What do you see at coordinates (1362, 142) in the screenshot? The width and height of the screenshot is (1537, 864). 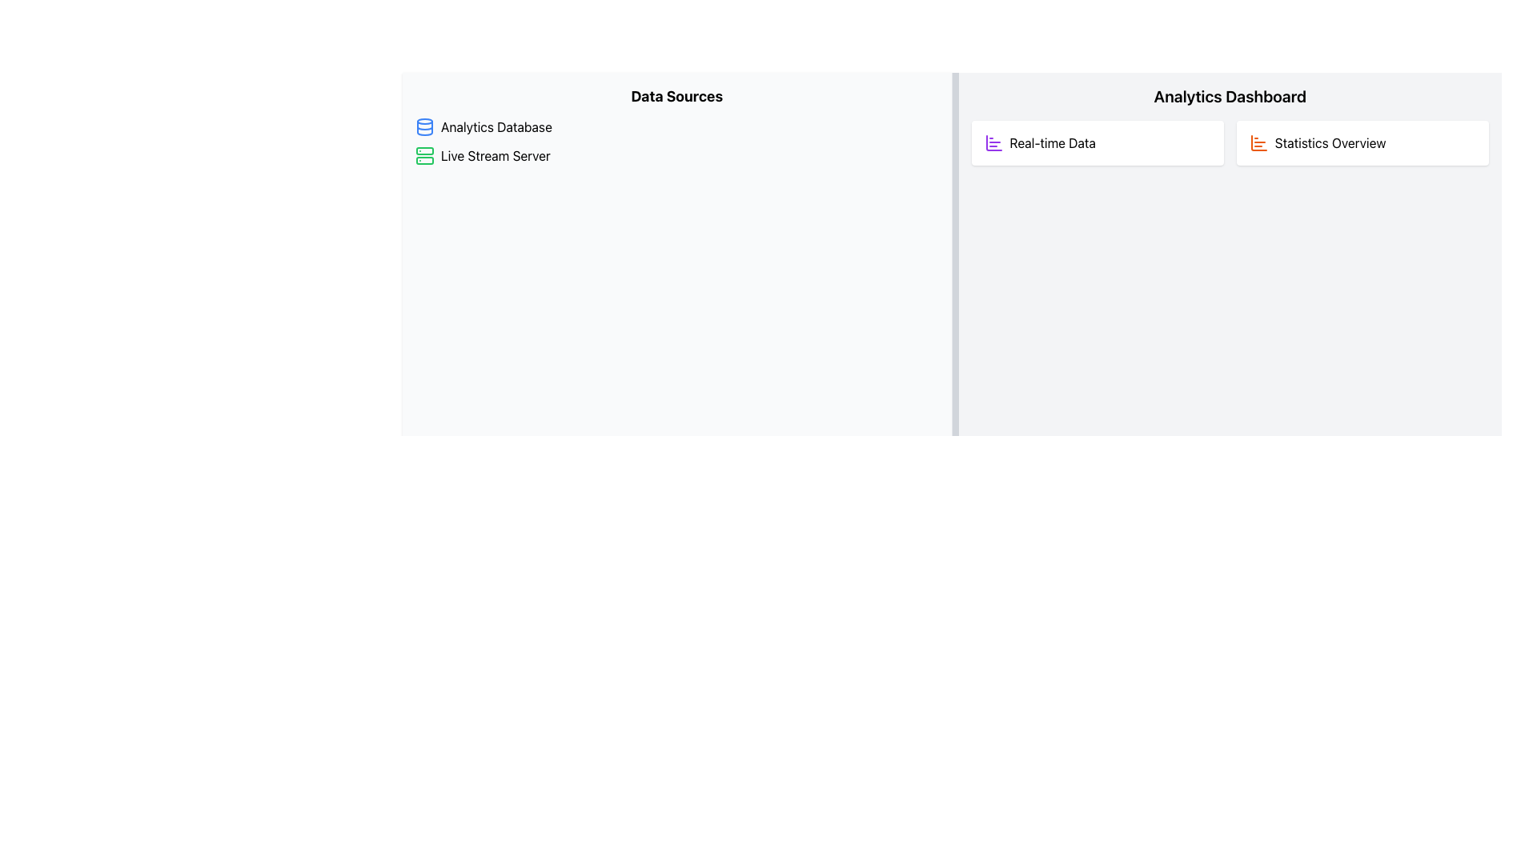 I see `the Informative Display located in the 'Analytics Dashboard' section, which serves as a non-interactive element for displaying statistics, positioned to the right of the 'Real-time Data' element` at bounding box center [1362, 142].